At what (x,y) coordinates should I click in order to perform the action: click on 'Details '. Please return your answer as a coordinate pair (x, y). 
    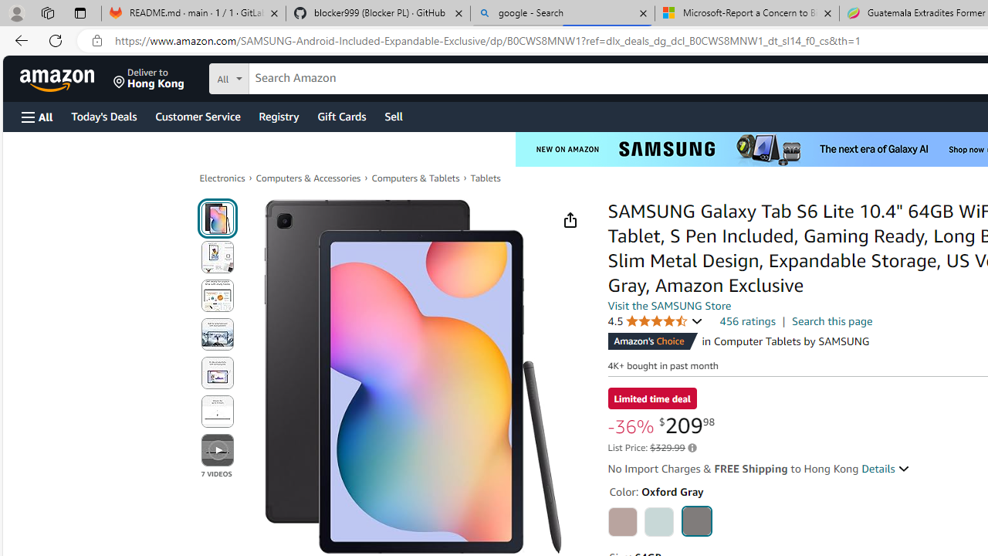
    Looking at the image, I should click on (886, 467).